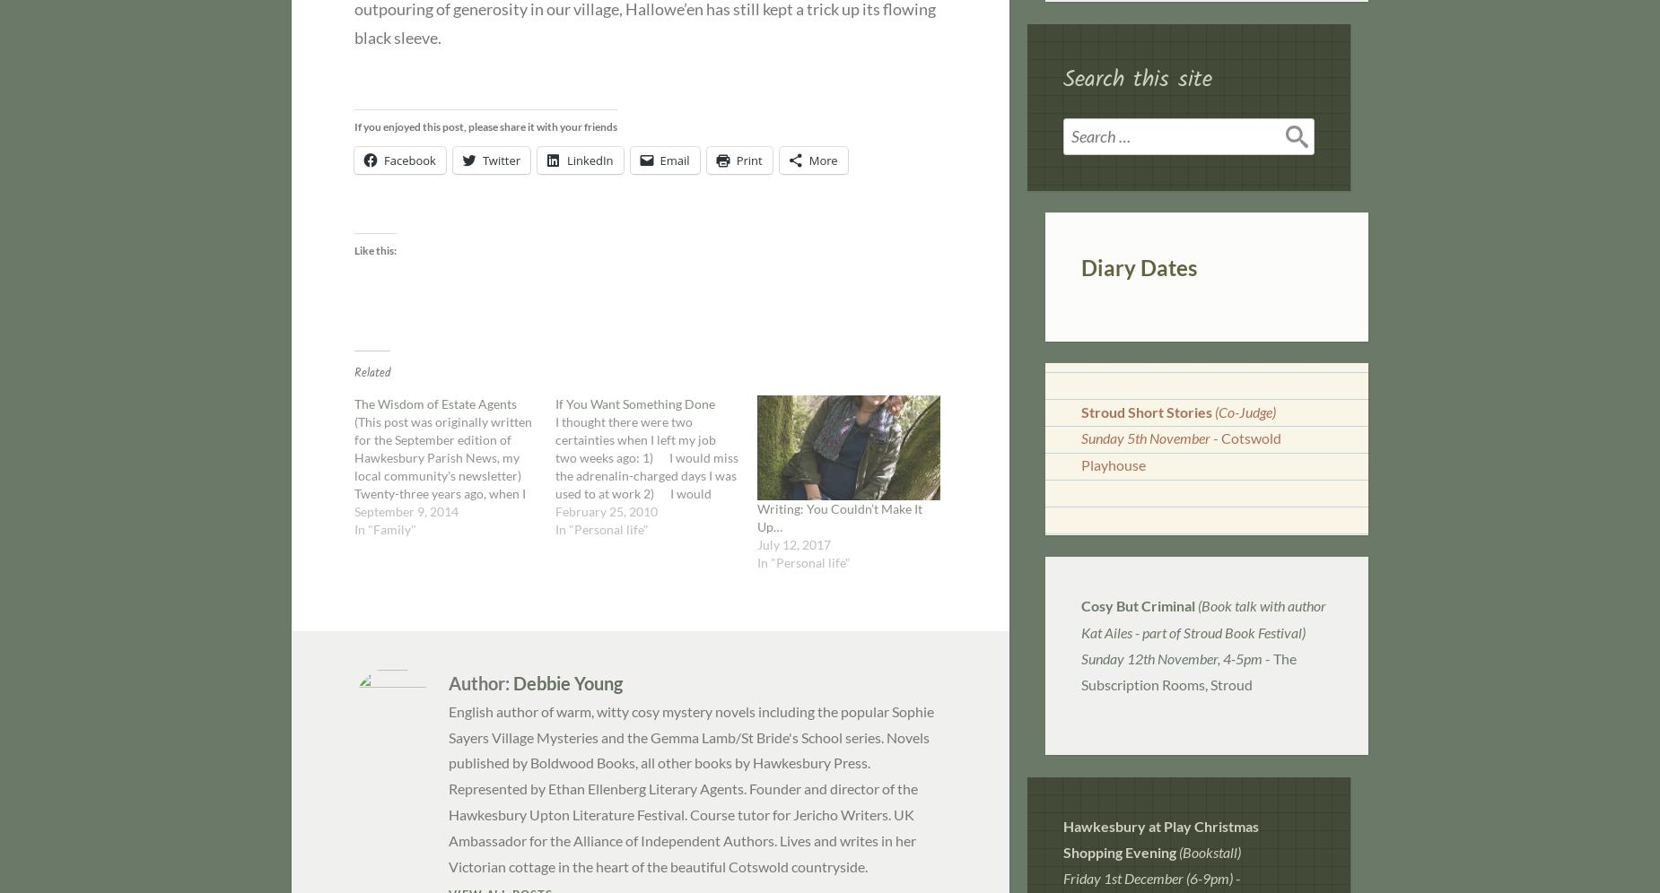 This screenshot has width=1660, height=893. Describe the element at coordinates (823, 160) in the screenshot. I see `'More'` at that location.